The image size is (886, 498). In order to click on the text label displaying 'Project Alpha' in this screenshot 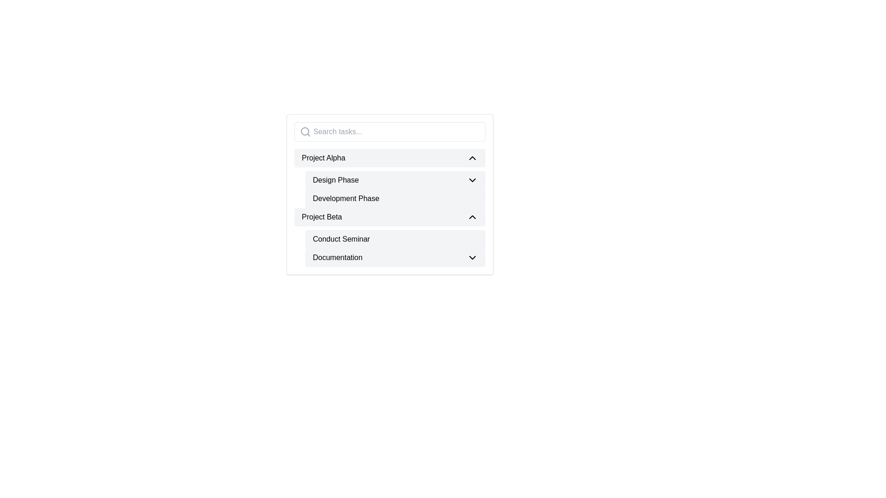, I will do `click(323, 158)`.